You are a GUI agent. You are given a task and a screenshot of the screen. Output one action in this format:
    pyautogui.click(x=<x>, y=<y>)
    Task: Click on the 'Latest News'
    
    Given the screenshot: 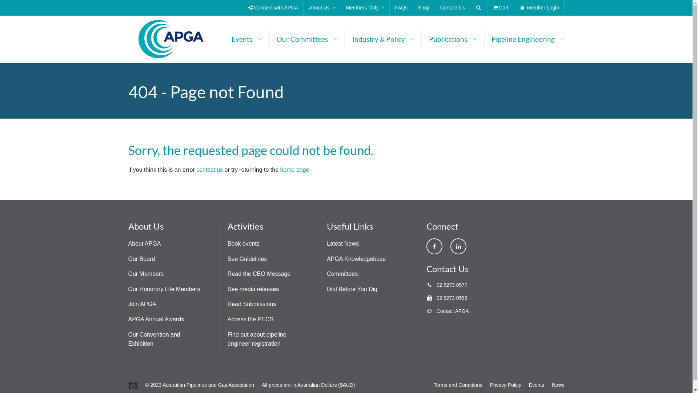 What is the action you would take?
    pyautogui.click(x=326, y=243)
    